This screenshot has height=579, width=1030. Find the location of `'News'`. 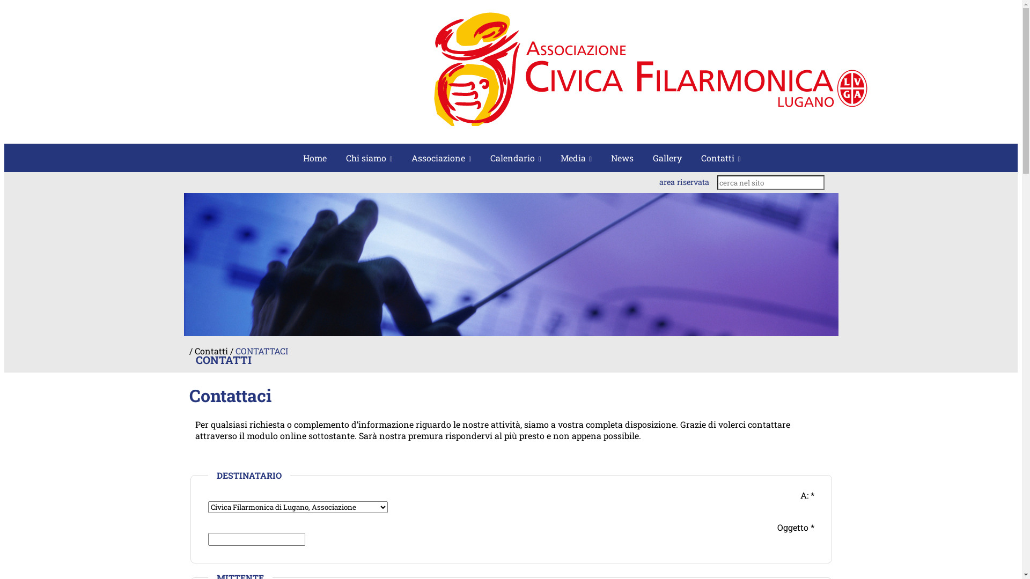

'News' is located at coordinates (622, 158).